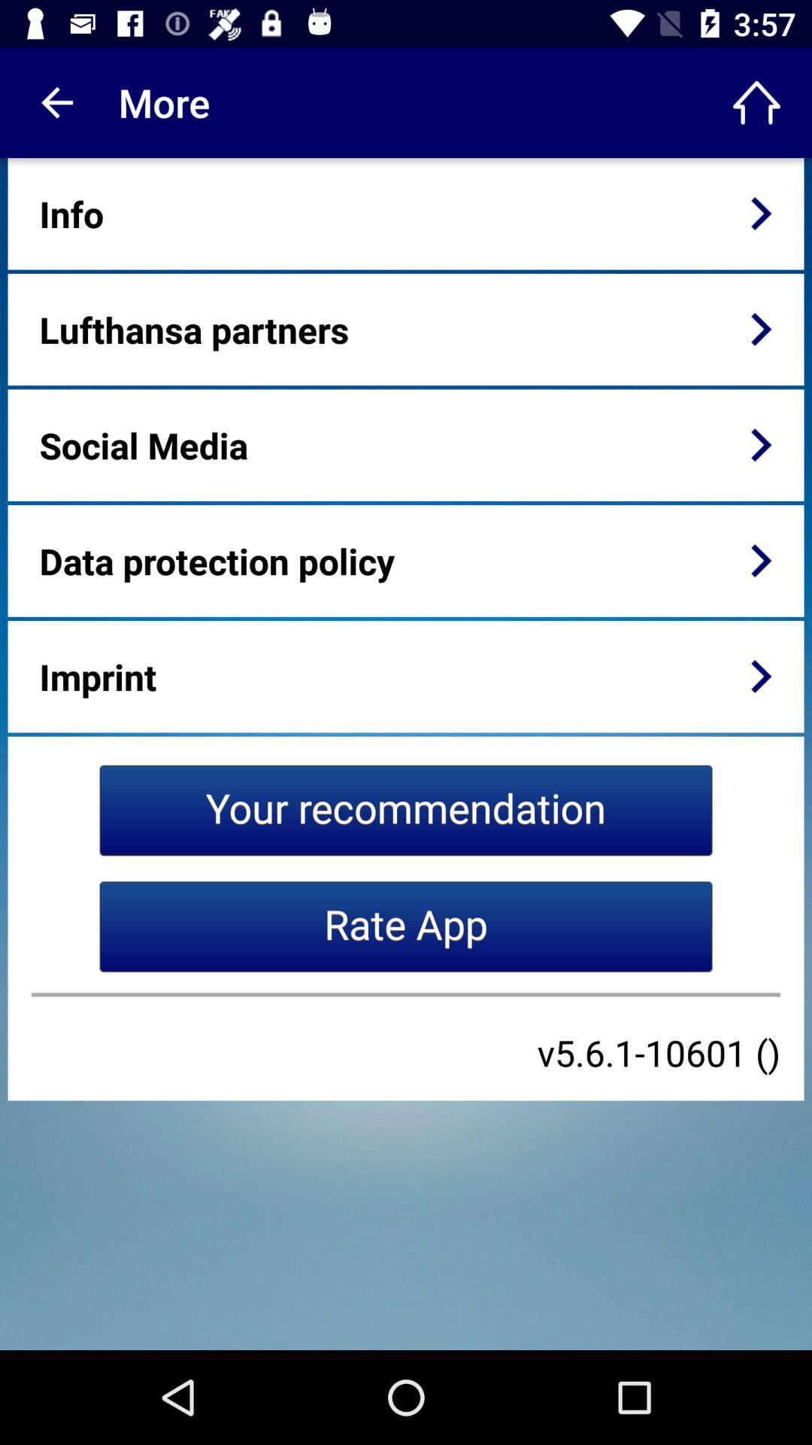  I want to click on the item to the right of imprint, so click(761, 675).